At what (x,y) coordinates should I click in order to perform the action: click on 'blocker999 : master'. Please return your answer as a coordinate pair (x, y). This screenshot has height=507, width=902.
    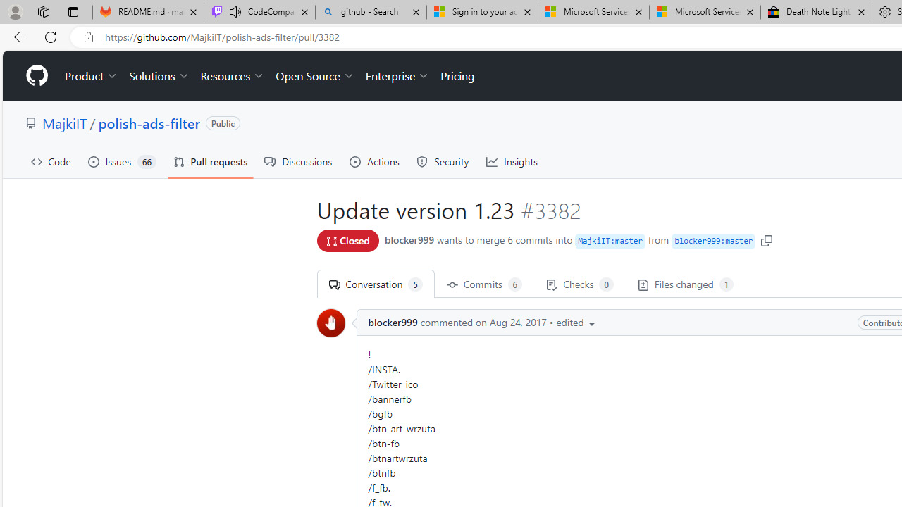
    Looking at the image, I should click on (714, 241).